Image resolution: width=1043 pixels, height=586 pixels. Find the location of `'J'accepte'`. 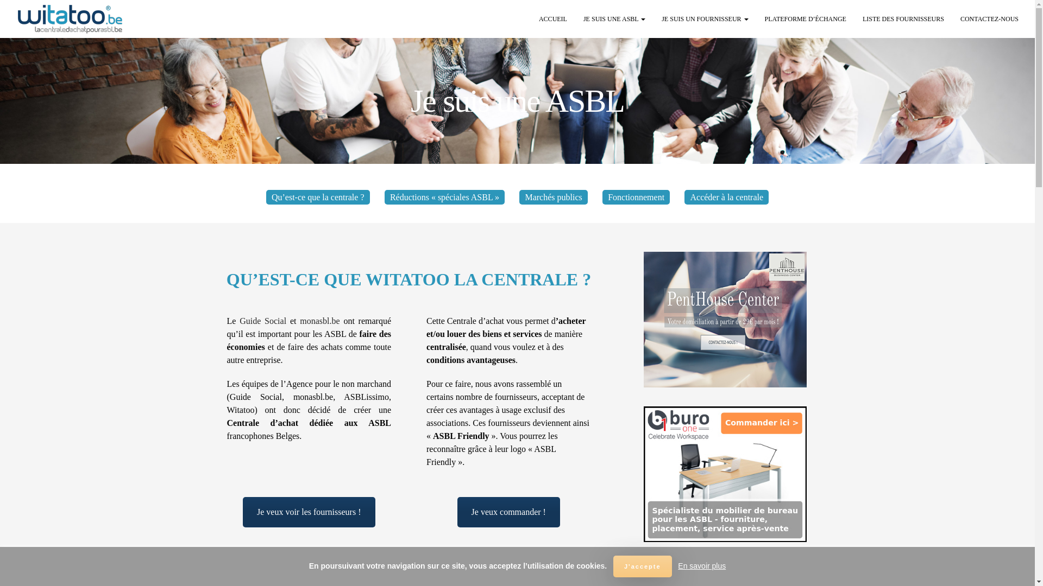

'J'accepte' is located at coordinates (642, 566).